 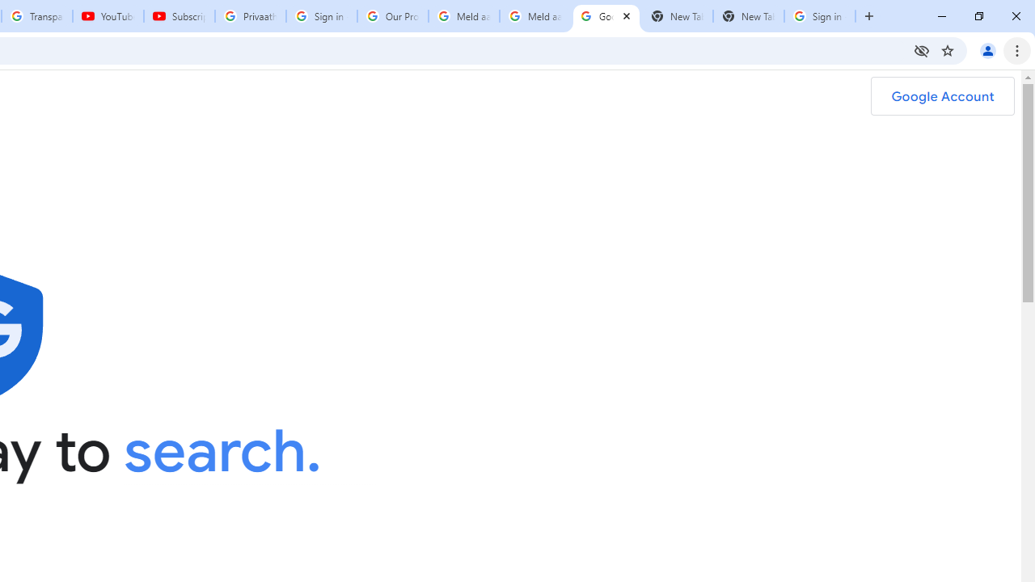 What do you see at coordinates (606, 16) in the screenshot?
I see `'Google Safety Center - Stay Safer Online'` at bounding box center [606, 16].